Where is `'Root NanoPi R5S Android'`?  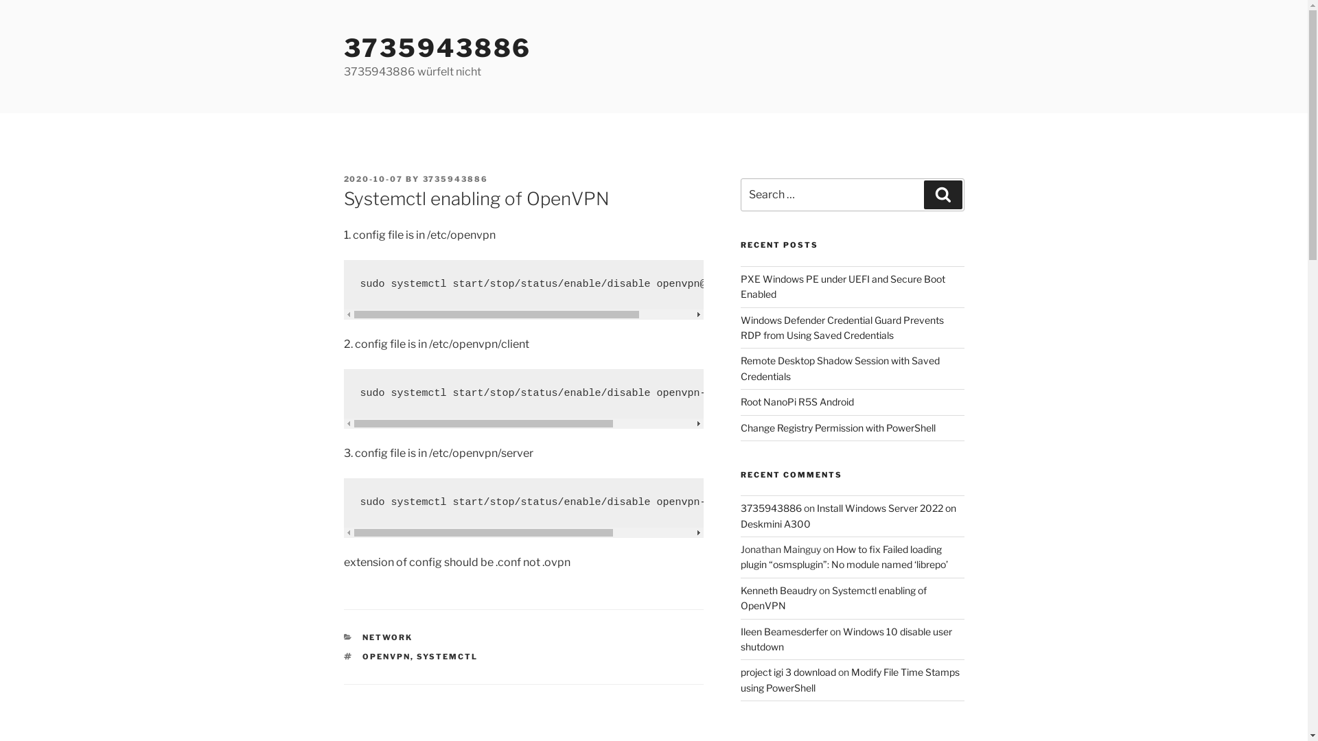
'Root NanoPi R5S Android' is located at coordinates (797, 401).